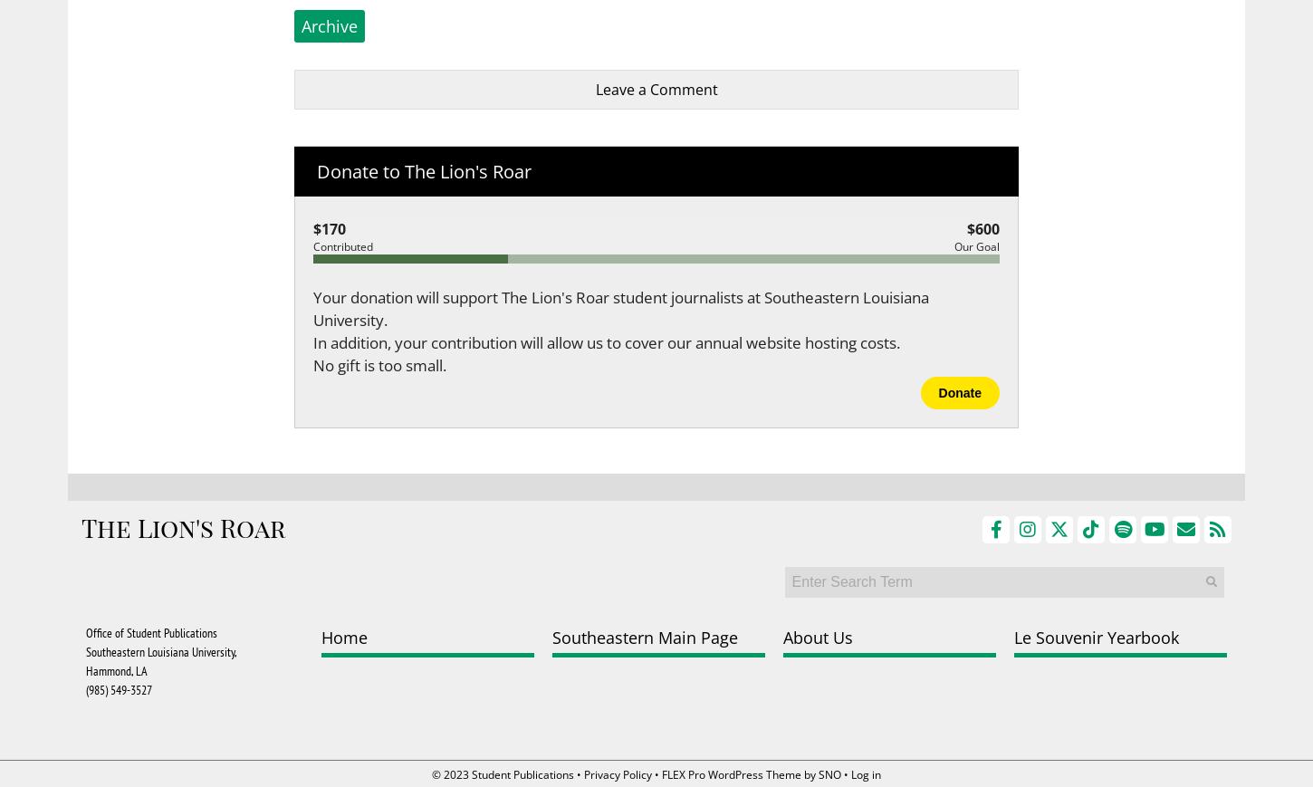  What do you see at coordinates (328, 24) in the screenshot?
I see `'Archive'` at bounding box center [328, 24].